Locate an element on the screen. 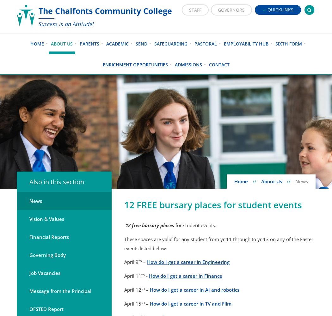 Image resolution: width=332 pixels, height=316 pixels. 'The Chalfonts Community College' is located at coordinates (38, 11).